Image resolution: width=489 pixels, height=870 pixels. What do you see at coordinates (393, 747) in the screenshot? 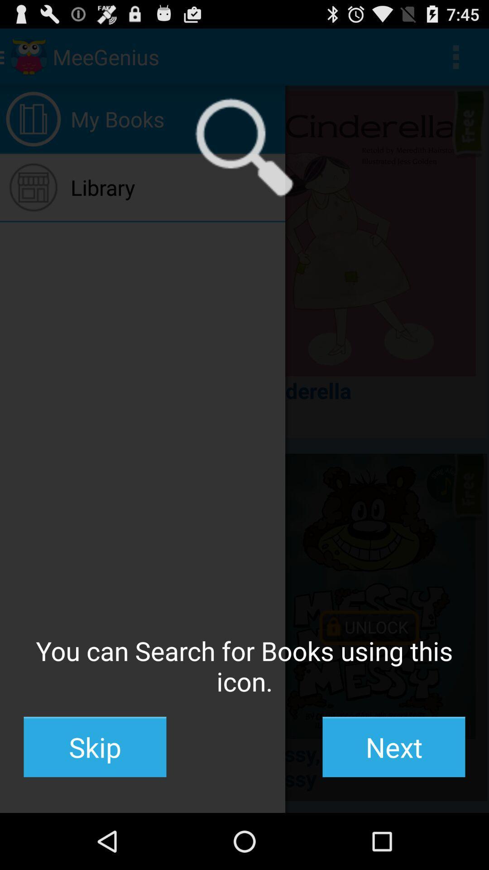
I see `the next item` at bounding box center [393, 747].